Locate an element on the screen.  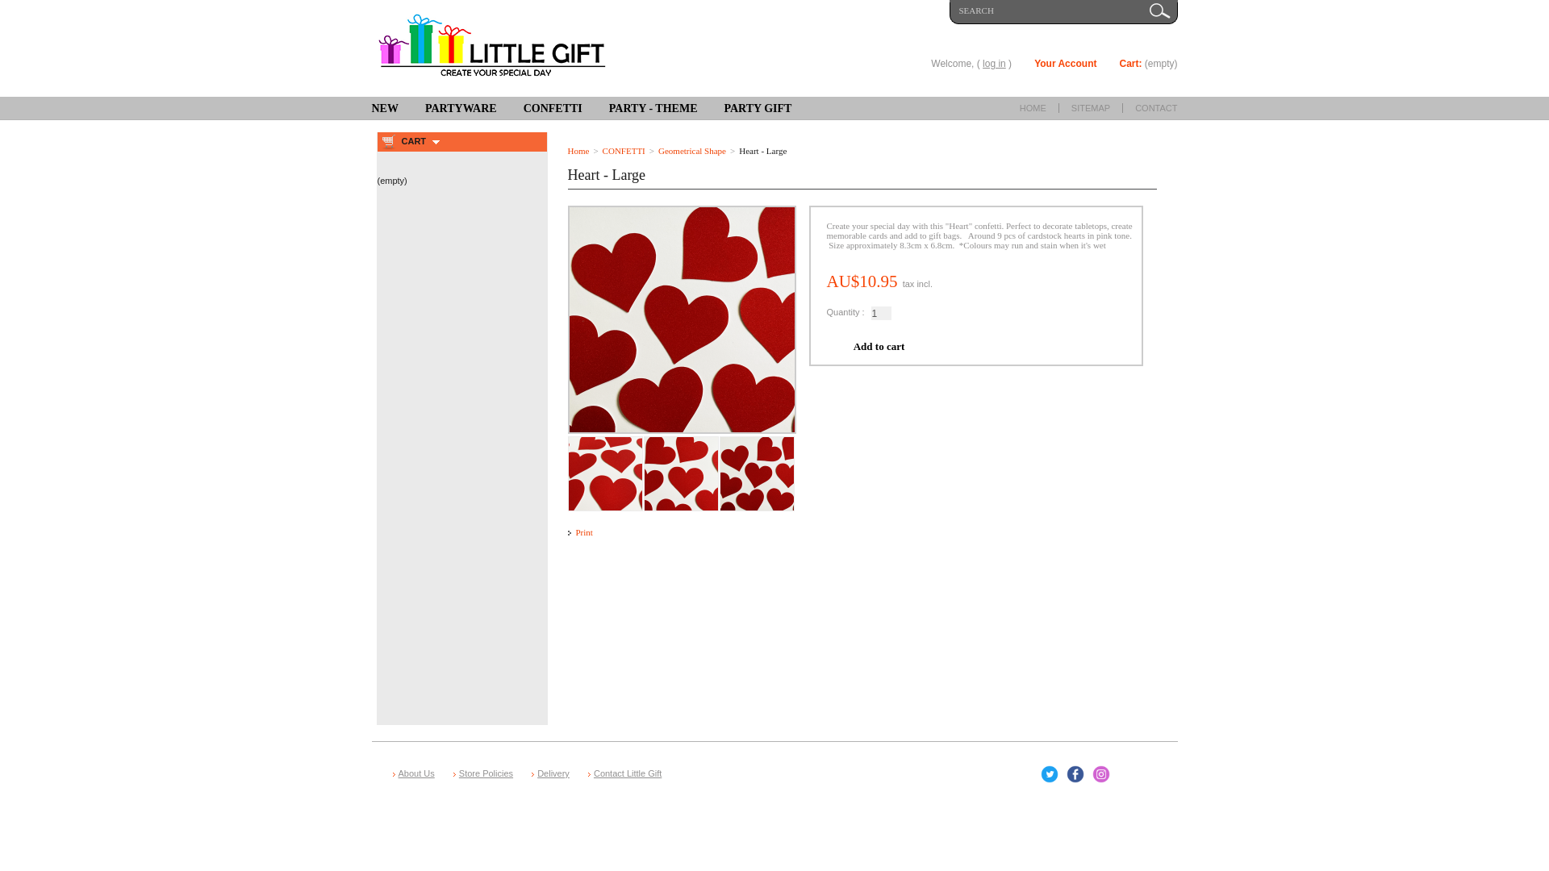
'CONTACT' is located at coordinates (1155, 108).